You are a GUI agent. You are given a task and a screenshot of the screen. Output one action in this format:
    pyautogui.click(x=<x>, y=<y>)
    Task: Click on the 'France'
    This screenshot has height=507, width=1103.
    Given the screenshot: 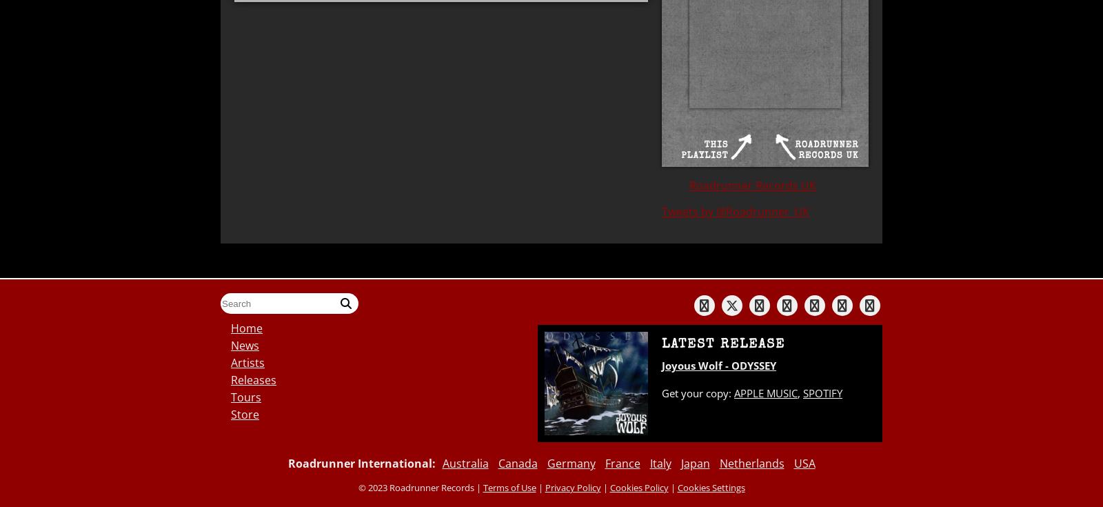 What is the action you would take?
    pyautogui.click(x=621, y=463)
    